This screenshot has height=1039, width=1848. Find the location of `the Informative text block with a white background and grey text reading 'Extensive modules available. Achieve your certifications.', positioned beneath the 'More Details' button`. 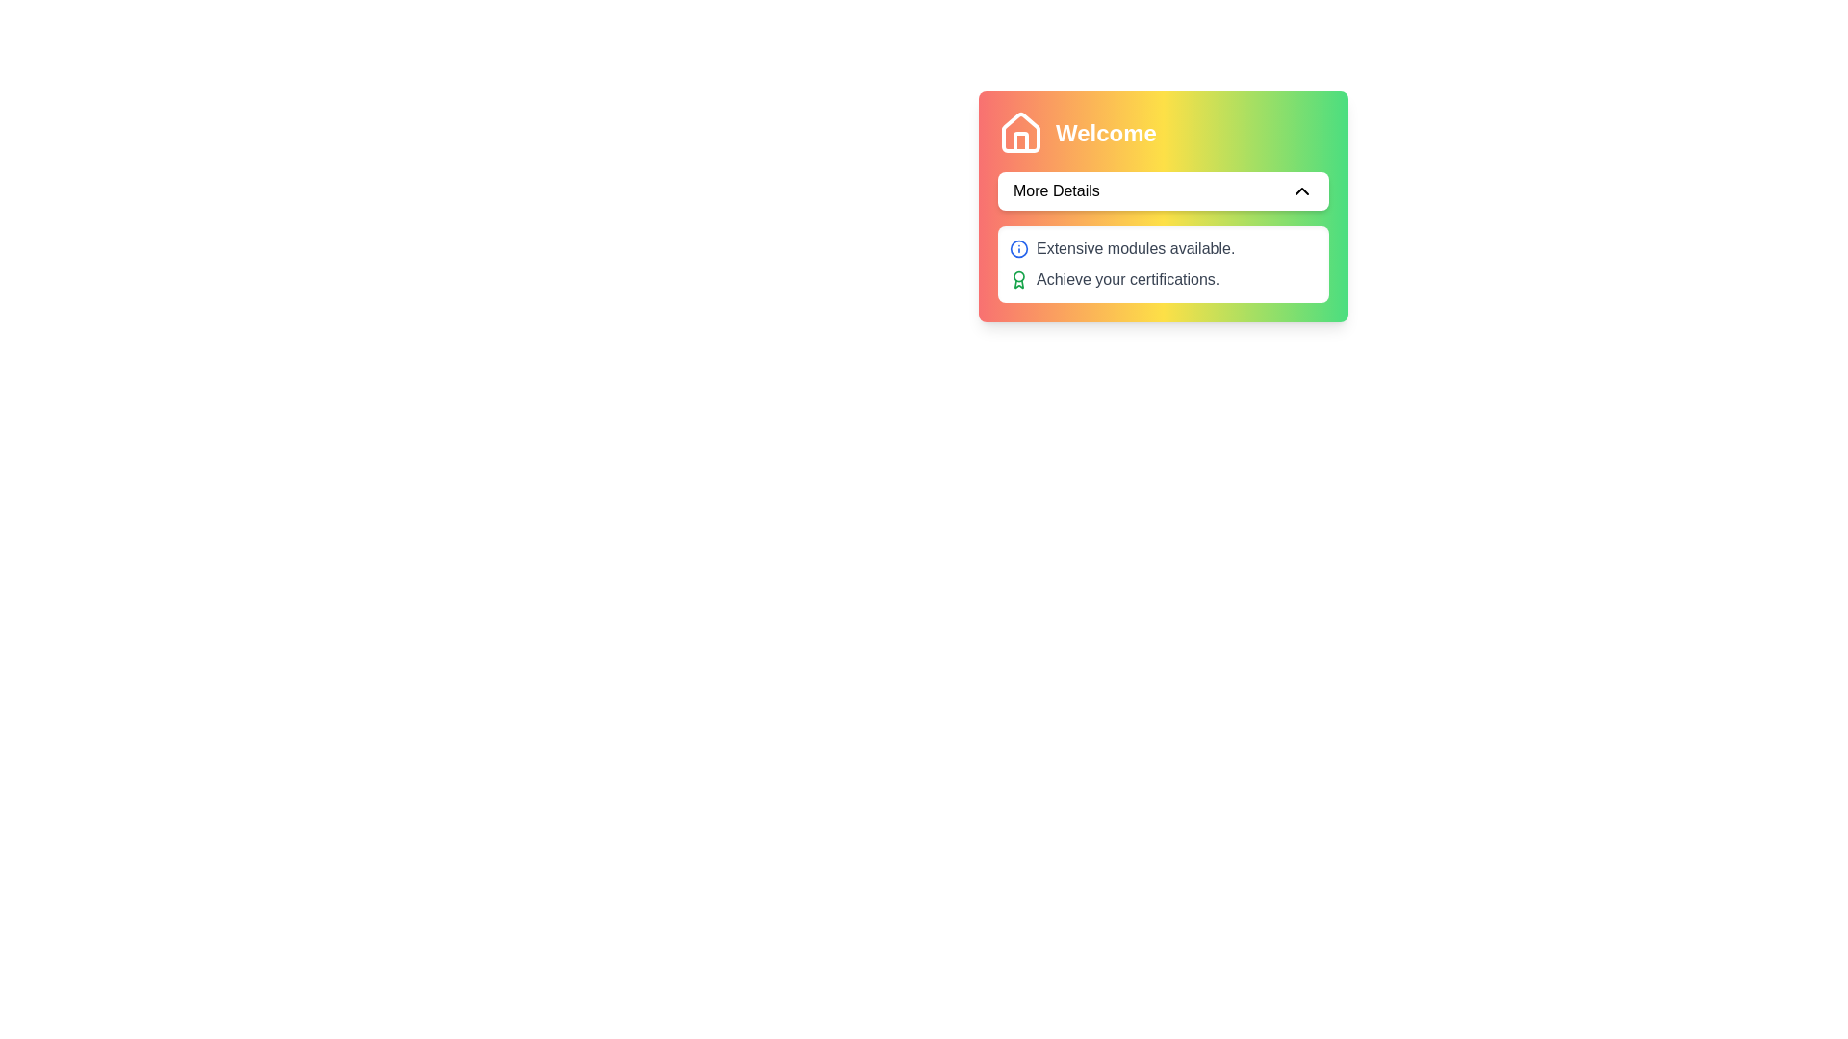

the Informative text block with a white background and grey text reading 'Extensive modules available. Achieve your certifications.', positioned beneath the 'More Details' button is located at coordinates (1163, 264).